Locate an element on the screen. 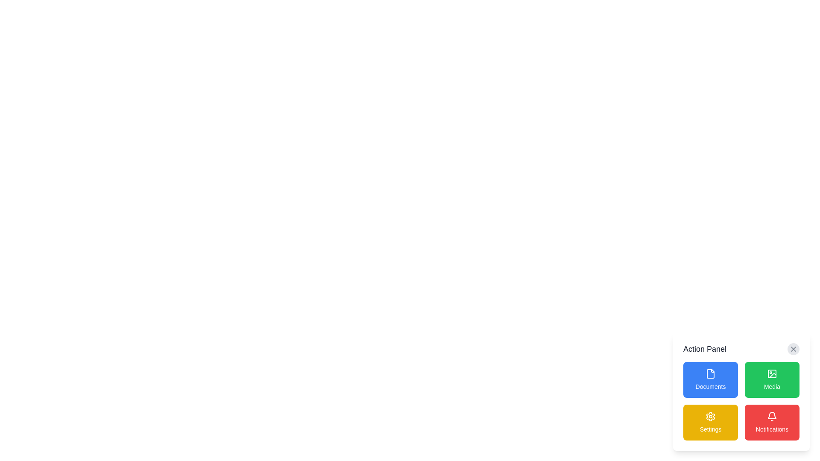 The image size is (820, 461). the 'Documents' button, which is a rectangular button with a blue background, rounded corners, and white centered text below a document icon, located in the upper-left corner of the 2x2 grid in the 'Action Panel' is located at coordinates (711, 379).